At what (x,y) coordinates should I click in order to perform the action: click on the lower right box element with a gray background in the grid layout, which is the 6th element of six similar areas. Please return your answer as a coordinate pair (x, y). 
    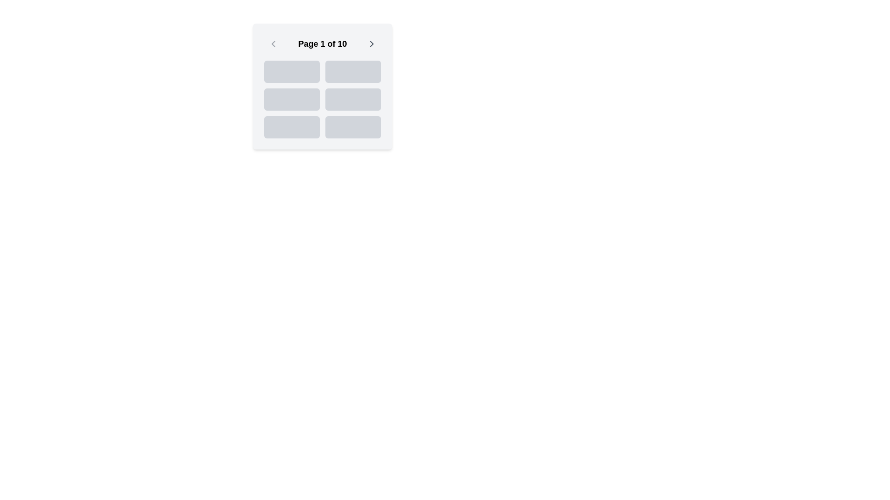
    Looking at the image, I should click on (353, 127).